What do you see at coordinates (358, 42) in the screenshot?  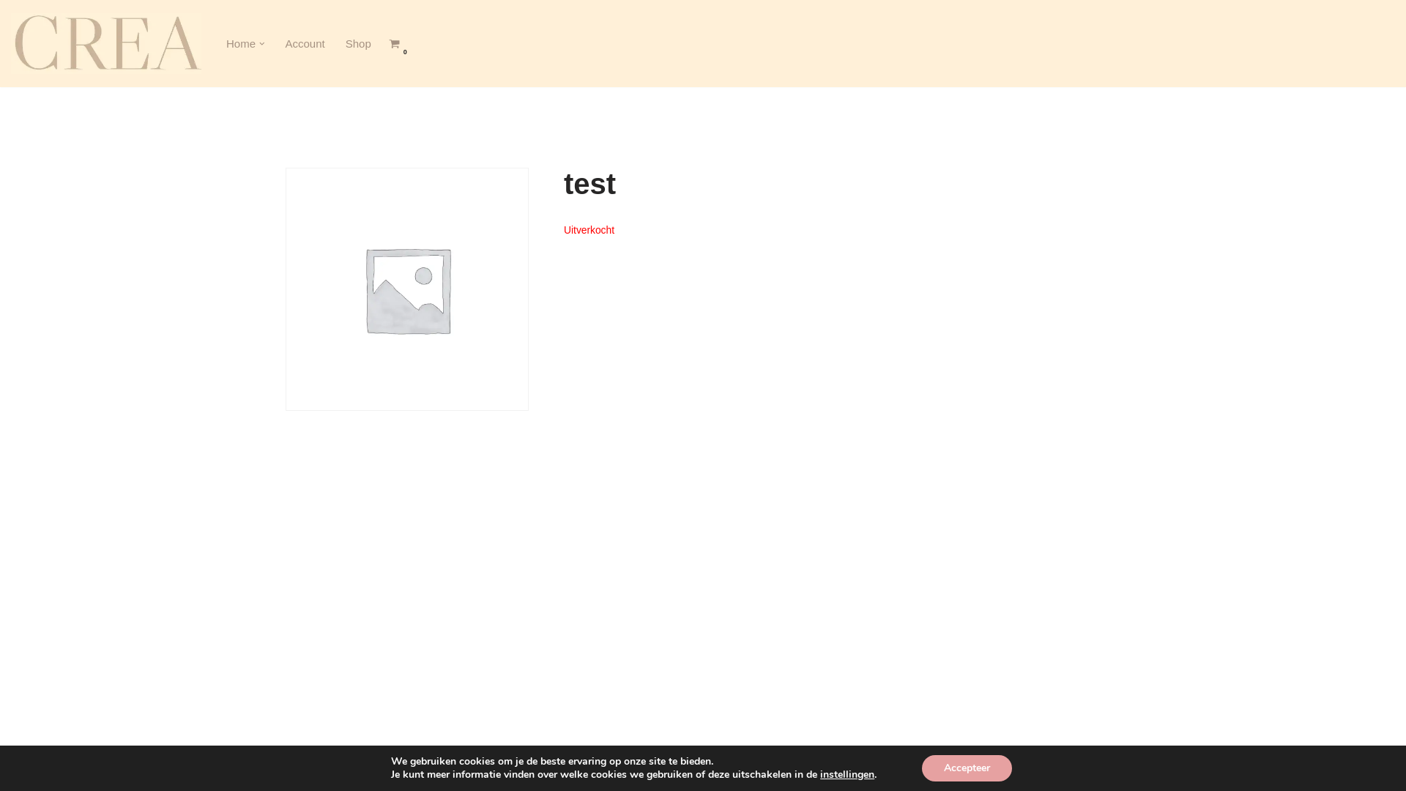 I see `'Shop'` at bounding box center [358, 42].